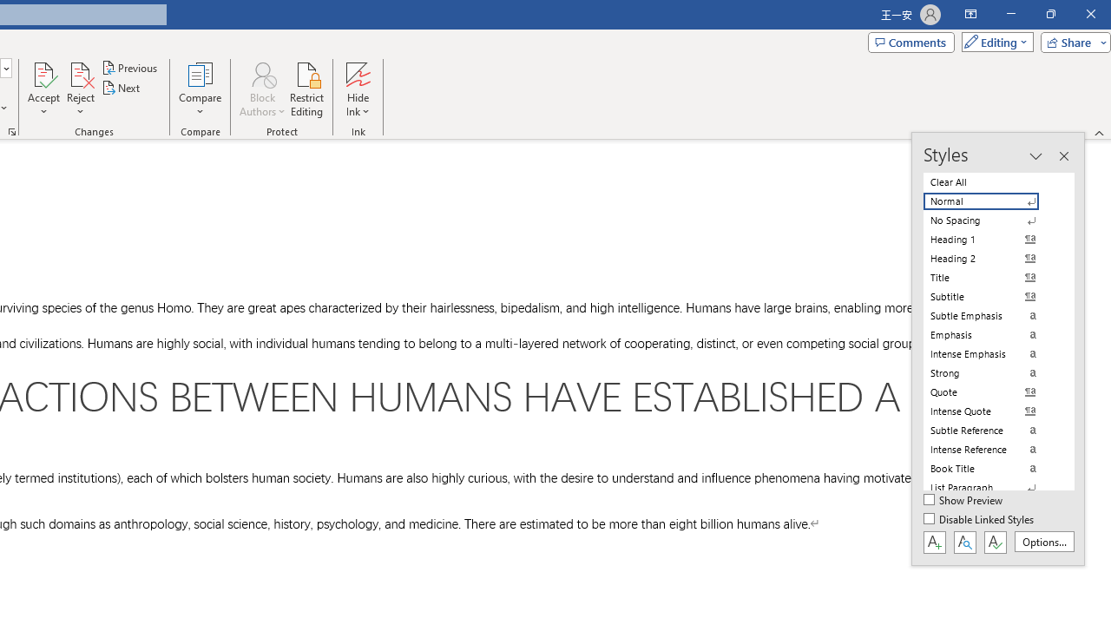 This screenshot has width=1111, height=625. I want to click on 'Disable Linked Styles', so click(980, 519).